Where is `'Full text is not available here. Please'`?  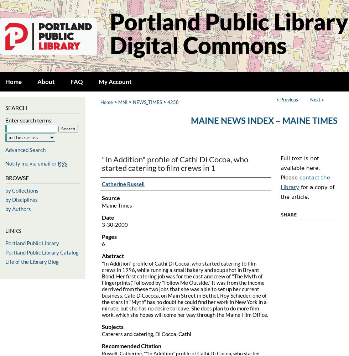
'Full text is not available here. Please' is located at coordinates (300, 168).